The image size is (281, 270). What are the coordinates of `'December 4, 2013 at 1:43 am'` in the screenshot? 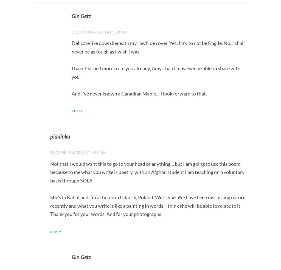 It's located at (78, 152).